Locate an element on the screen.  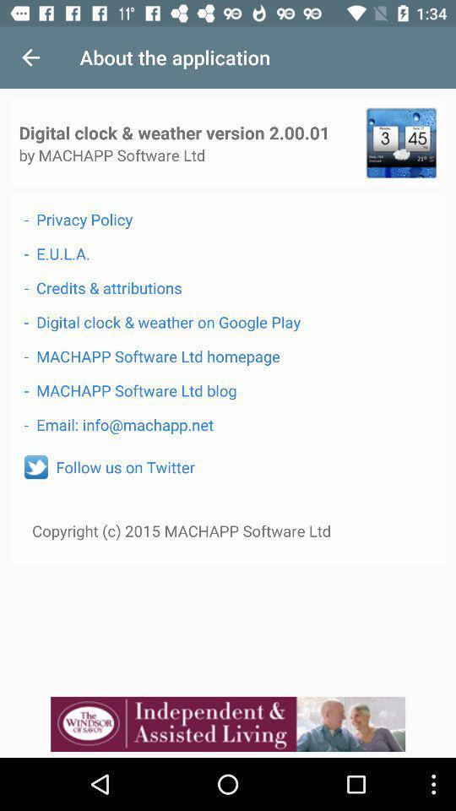
the twitter icon is located at coordinates (35, 467).